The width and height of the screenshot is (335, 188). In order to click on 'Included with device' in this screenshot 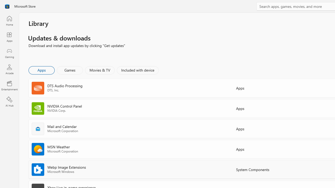, I will do `click(137, 70)`.